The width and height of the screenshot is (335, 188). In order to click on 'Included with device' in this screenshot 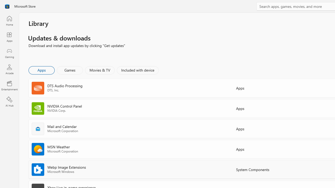, I will do `click(137, 70)`.